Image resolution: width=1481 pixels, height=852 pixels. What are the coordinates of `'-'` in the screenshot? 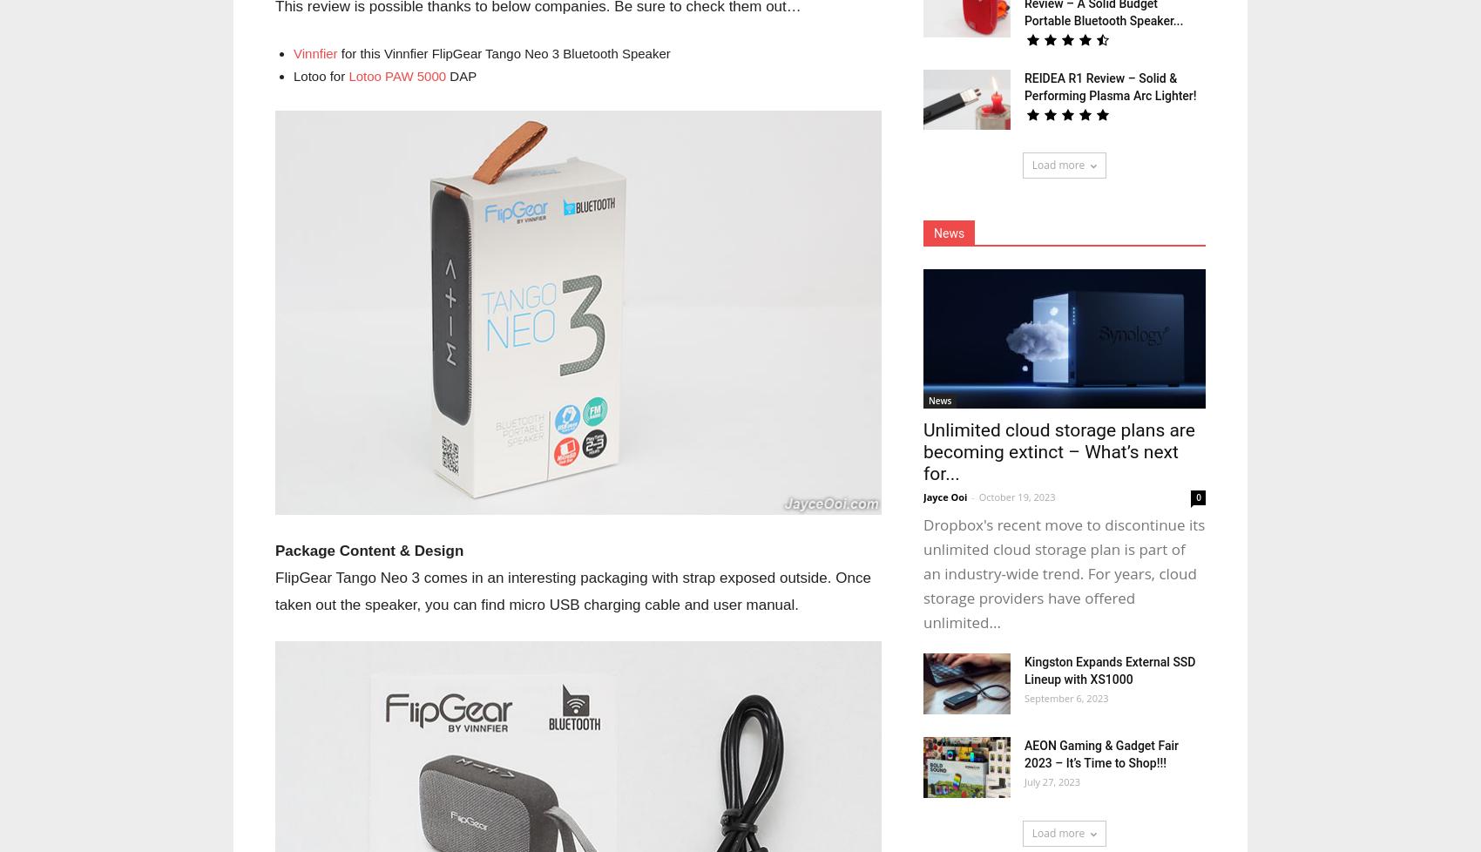 It's located at (971, 497).